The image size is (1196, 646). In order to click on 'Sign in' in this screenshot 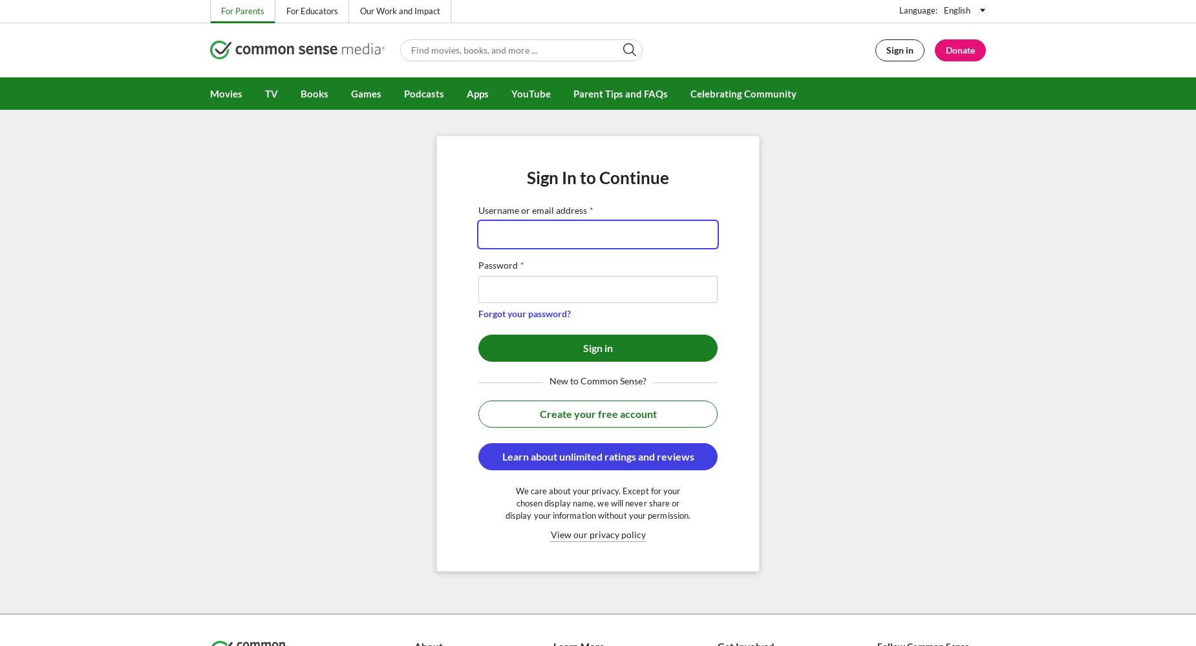, I will do `click(899, 48)`.